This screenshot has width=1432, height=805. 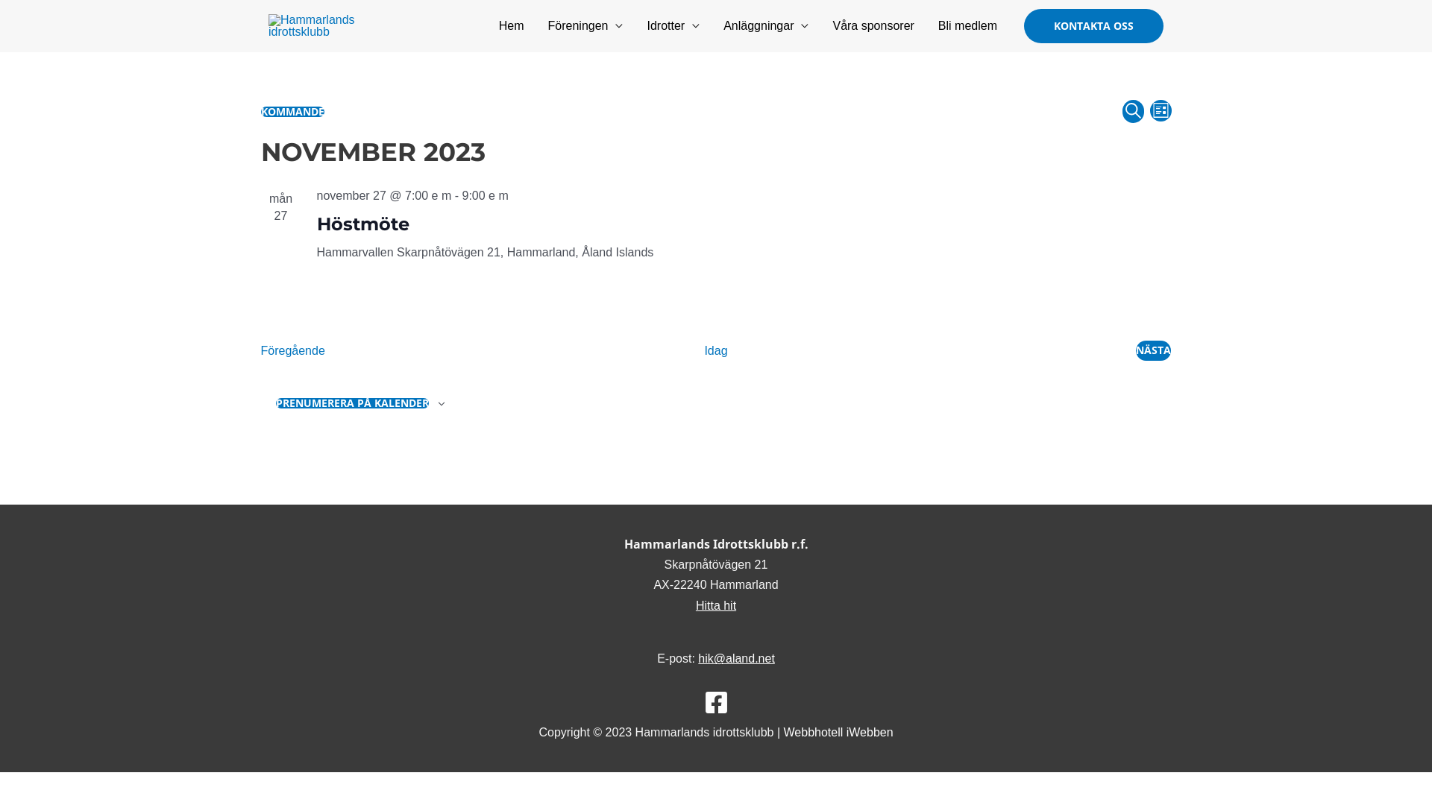 I want to click on 'KONTAKTA OSS', so click(x=1093, y=25).